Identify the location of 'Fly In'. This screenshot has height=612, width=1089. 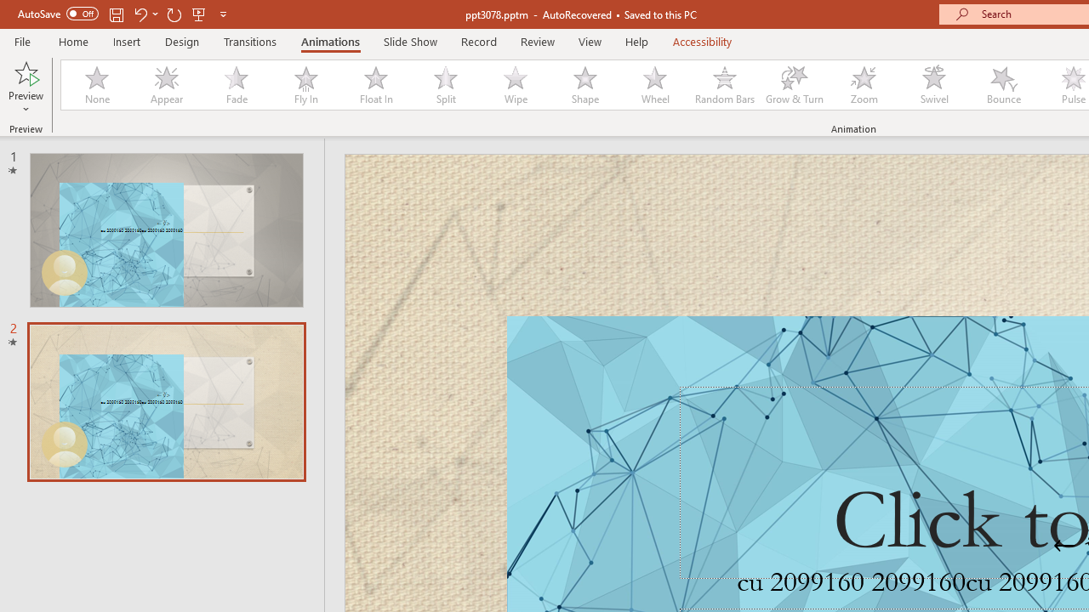
(305, 85).